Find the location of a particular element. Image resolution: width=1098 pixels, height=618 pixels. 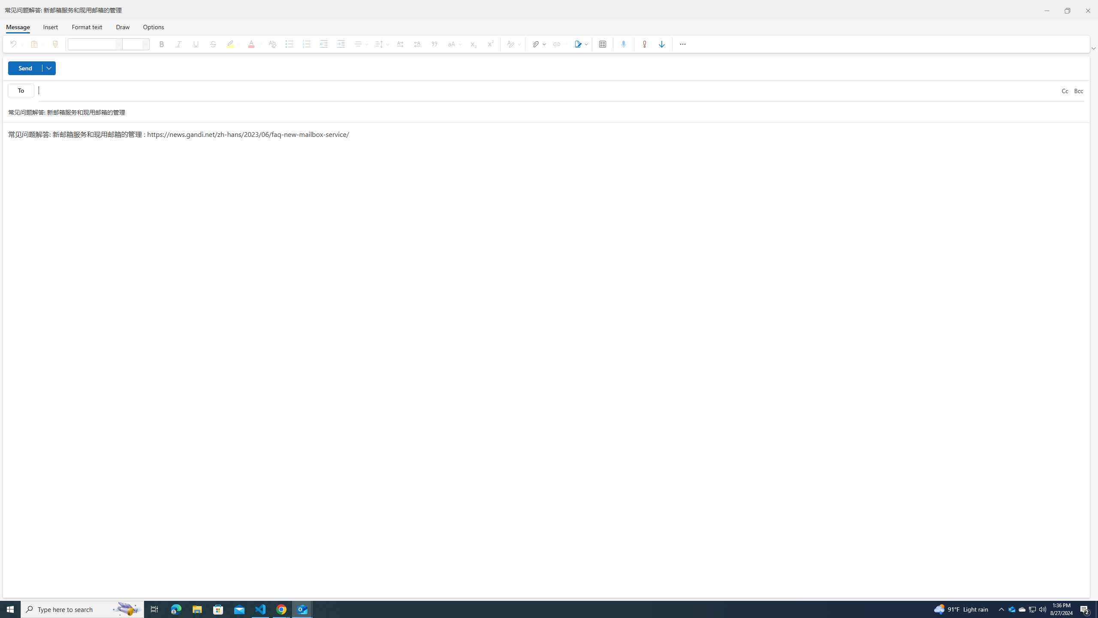

'Subscript' is located at coordinates (472, 44).